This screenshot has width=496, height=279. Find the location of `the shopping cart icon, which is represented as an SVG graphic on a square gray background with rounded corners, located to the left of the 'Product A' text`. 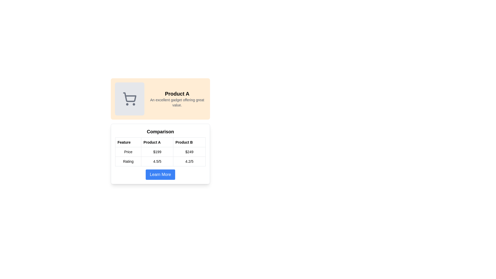

the shopping cart icon, which is represented as an SVG graphic on a square gray background with rounded corners, located to the left of the 'Product A' text is located at coordinates (129, 99).